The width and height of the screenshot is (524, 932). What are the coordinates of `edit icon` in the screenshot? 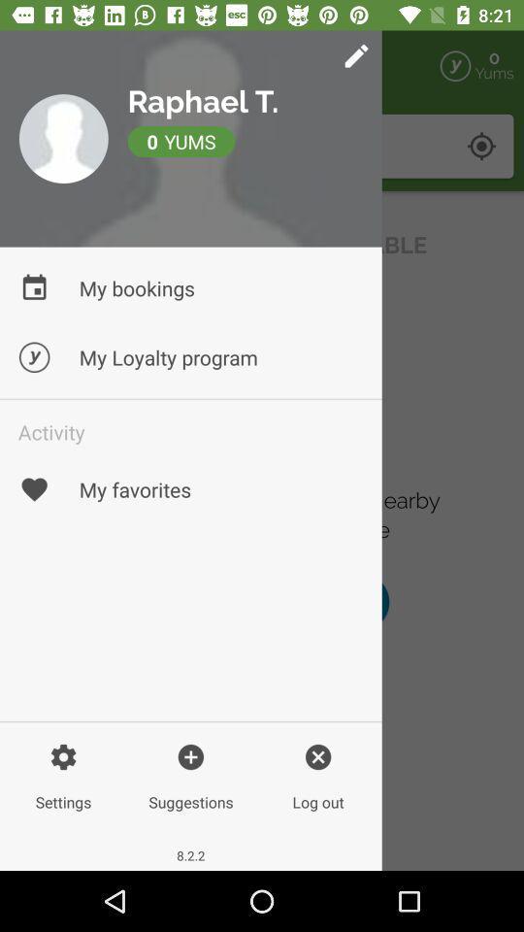 It's located at (260, 66).